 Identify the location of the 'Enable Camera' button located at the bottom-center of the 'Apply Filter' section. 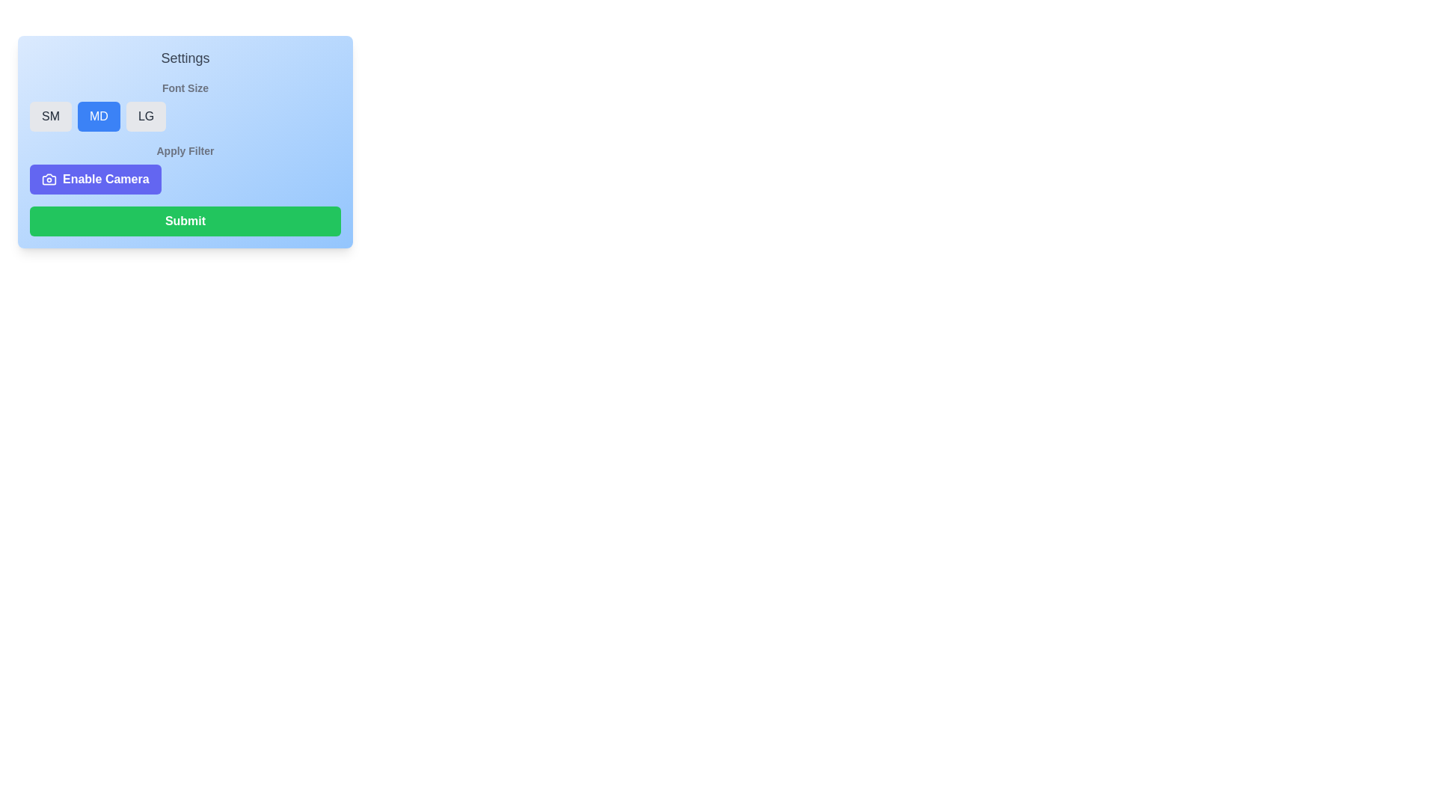
(185, 178).